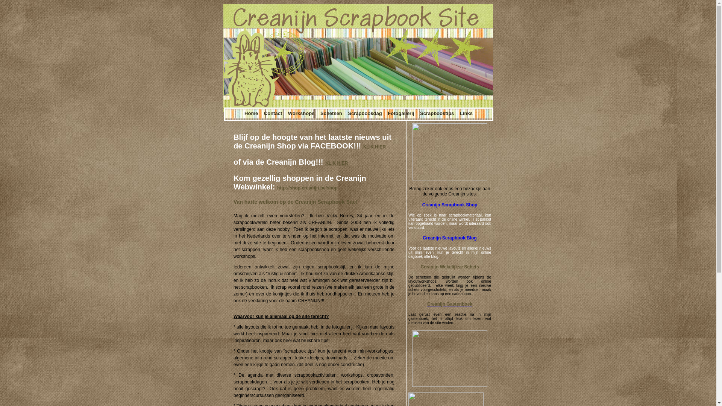 The height and width of the screenshot is (406, 722). I want to click on 'Scrapbookdag', so click(365, 113).